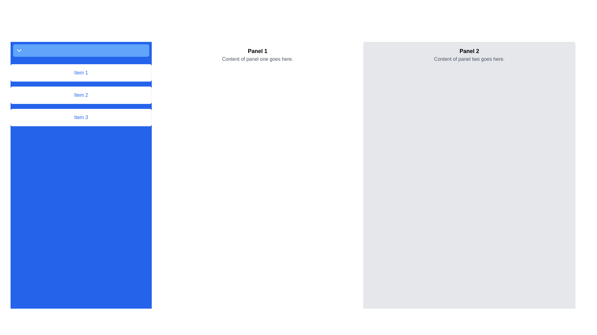  What do you see at coordinates (81, 73) in the screenshot?
I see `the first Text-display list item with a white background and the text 'Item 1' in blue, located under the blue dropdown area in the left vertical panel` at bounding box center [81, 73].